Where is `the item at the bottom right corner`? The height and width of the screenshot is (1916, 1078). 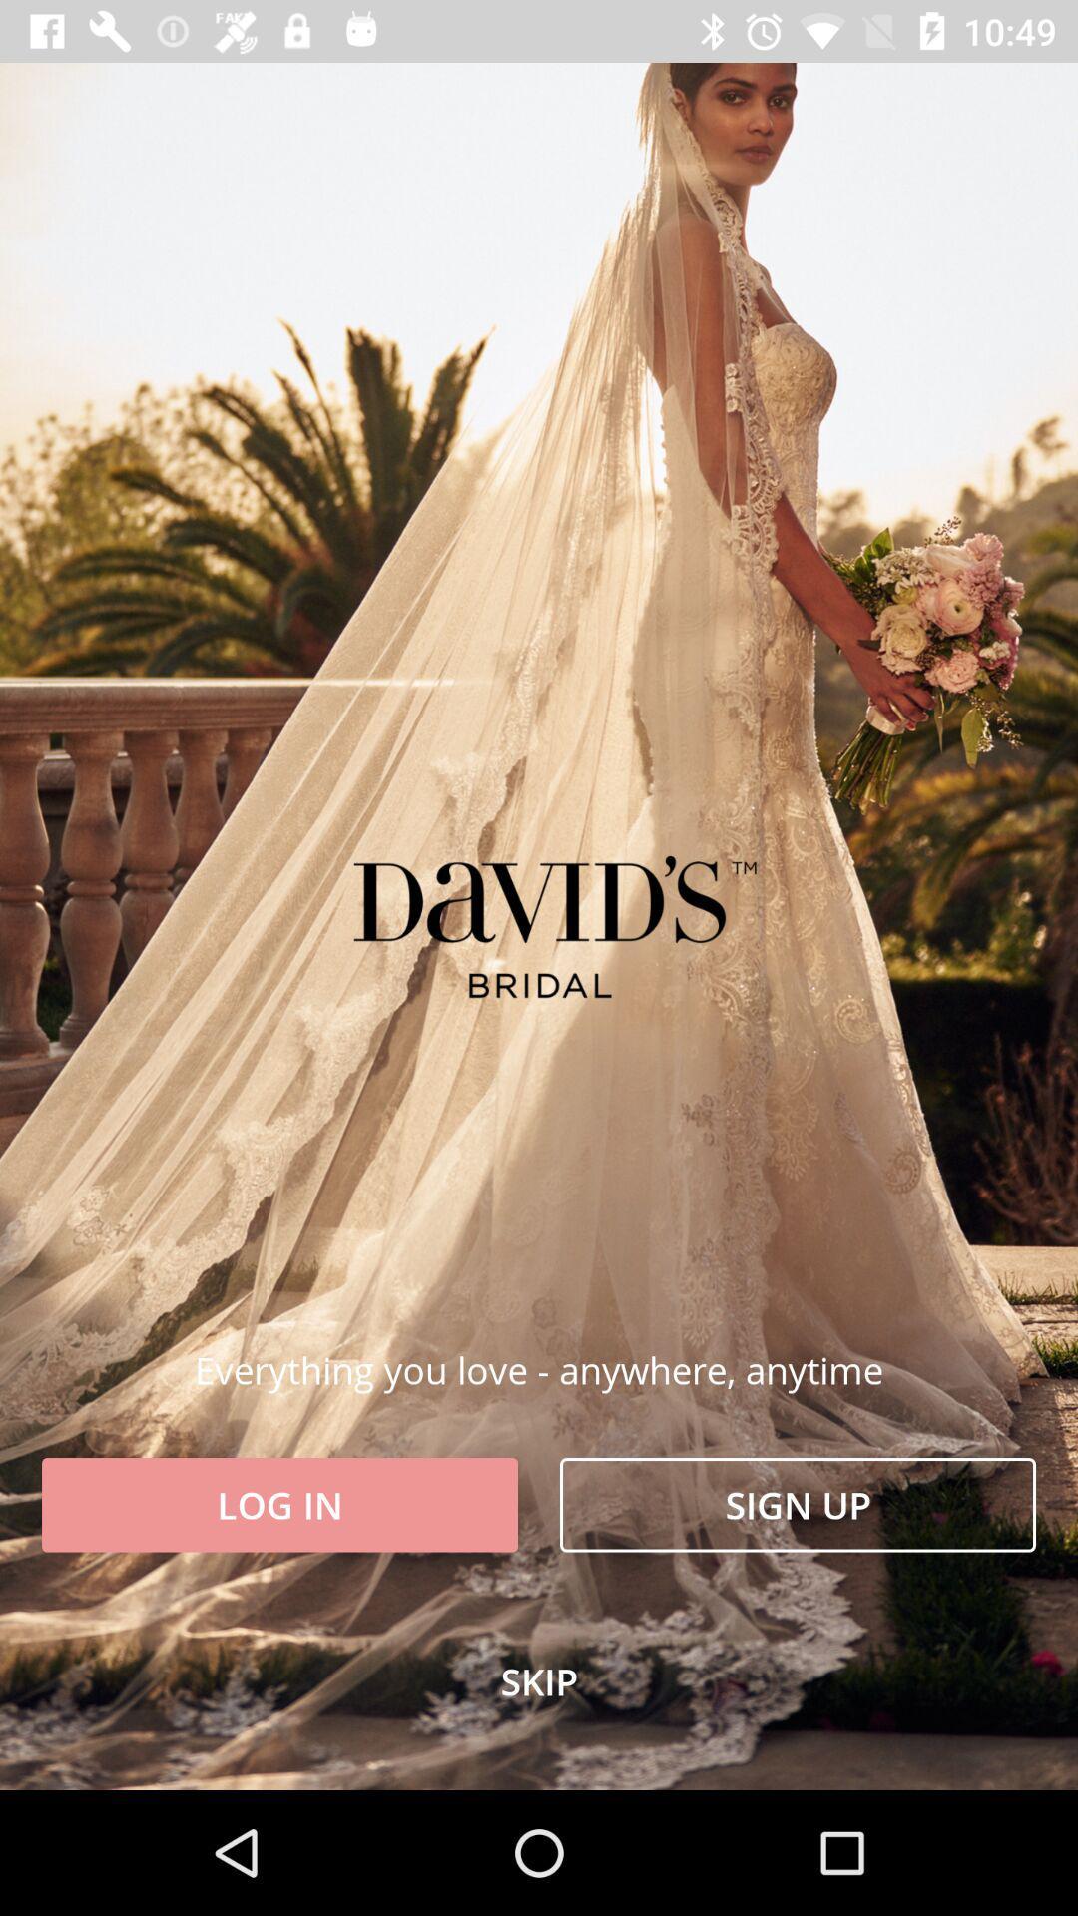
the item at the bottom right corner is located at coordinates (797, 1505).